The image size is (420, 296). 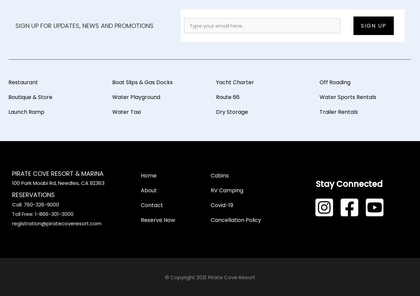 What do you see at coordinates (33, 194) in the screenshot?
I see `'Reservations'` at bounding box center [33, 194].